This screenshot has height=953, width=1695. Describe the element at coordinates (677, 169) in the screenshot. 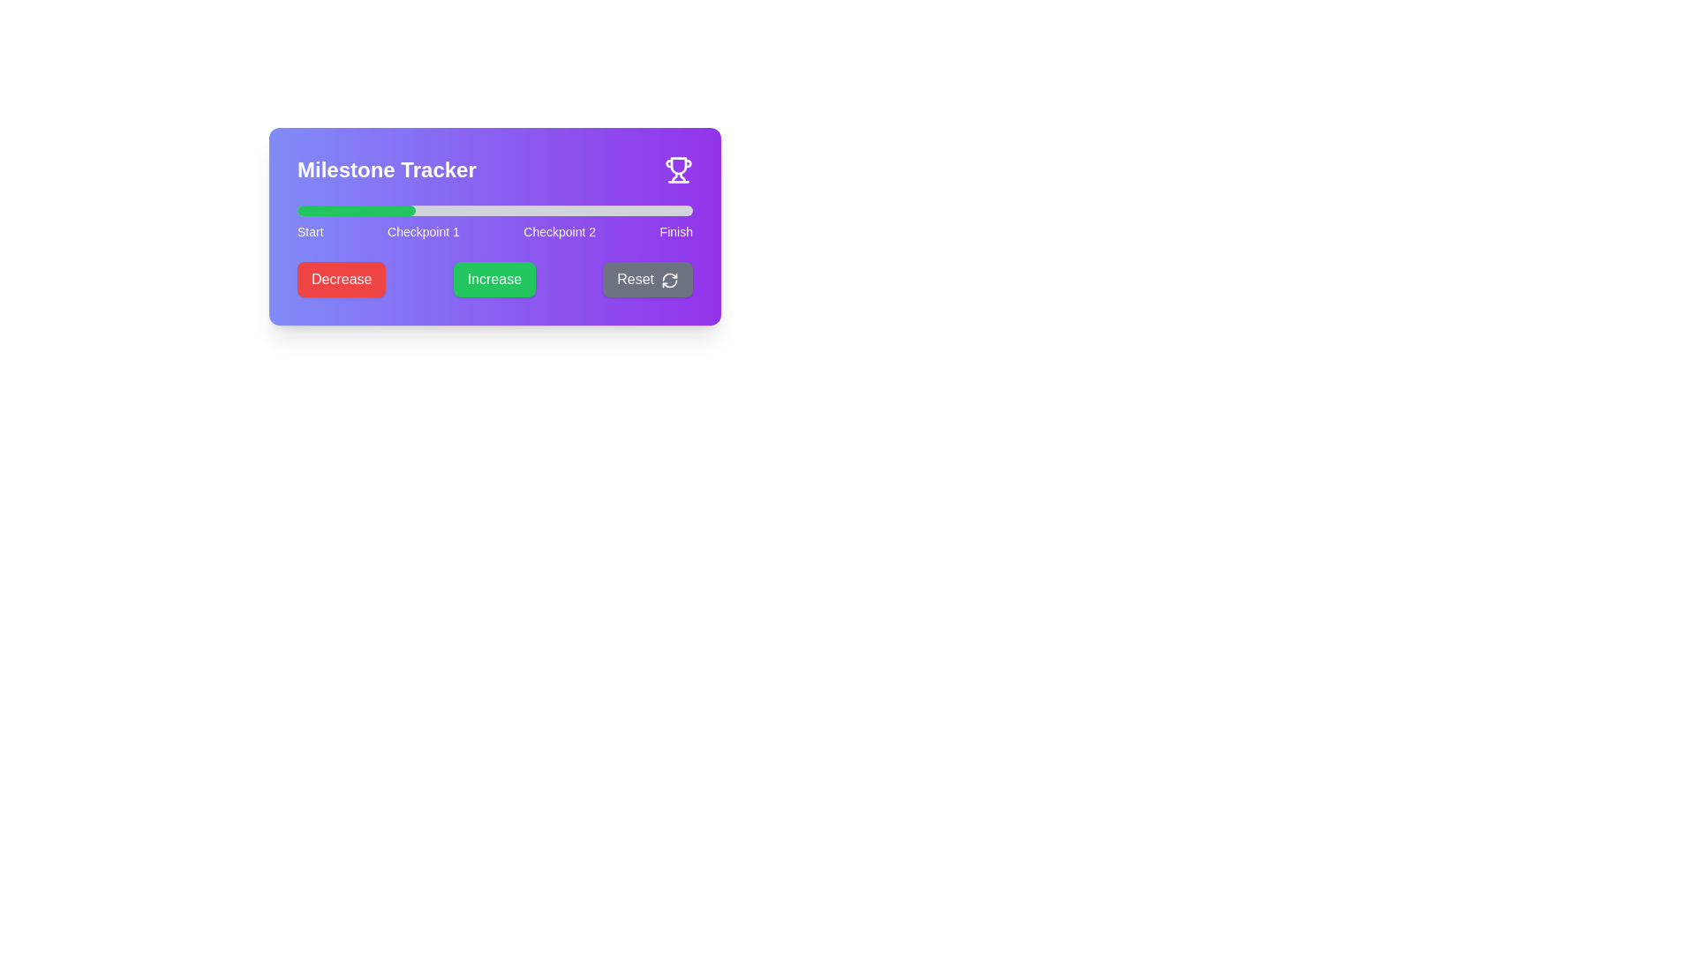

I see `the trophy icon, which is styled with currentColor and located in the top-right corner of the card titled 'Milestone Tracker'` at that location.